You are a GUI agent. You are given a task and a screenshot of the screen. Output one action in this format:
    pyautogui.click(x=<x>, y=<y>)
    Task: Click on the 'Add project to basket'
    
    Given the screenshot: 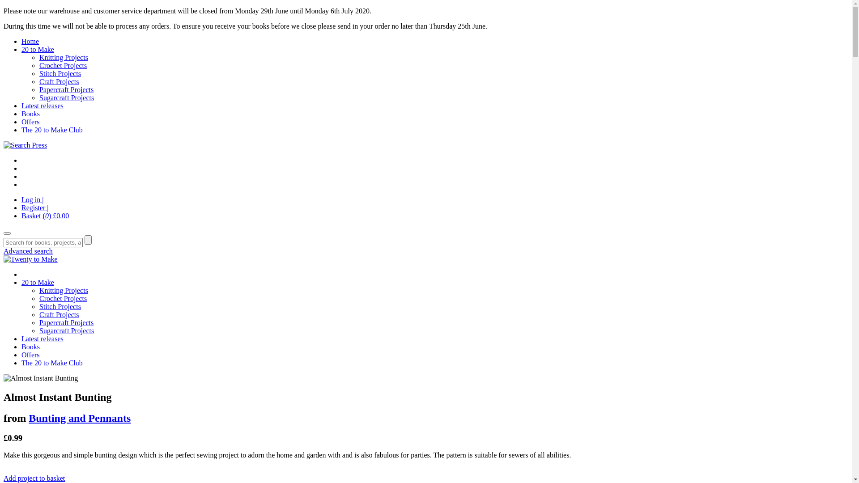 What is the action you would take?
    pyautogui.click(x=34, y=478)
    